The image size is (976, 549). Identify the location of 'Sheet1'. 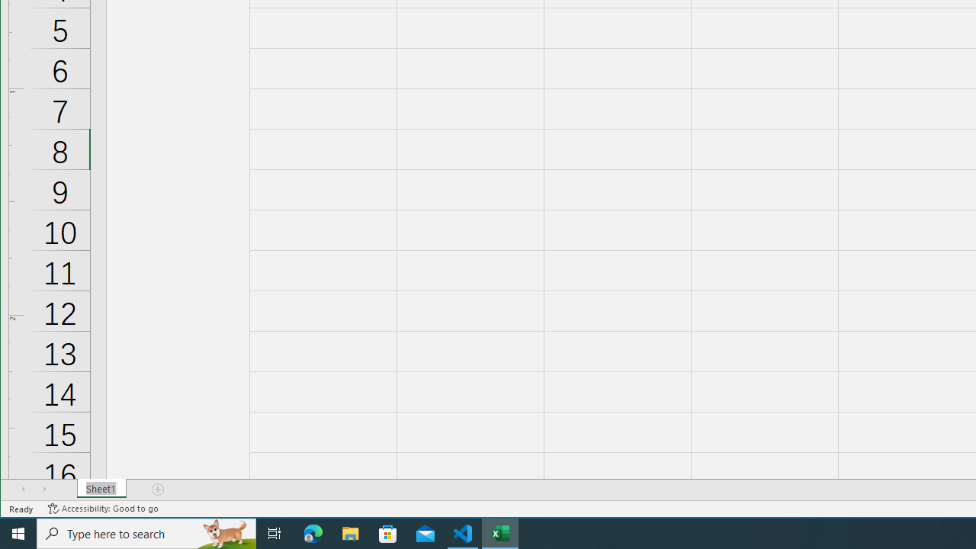
(101, 489).